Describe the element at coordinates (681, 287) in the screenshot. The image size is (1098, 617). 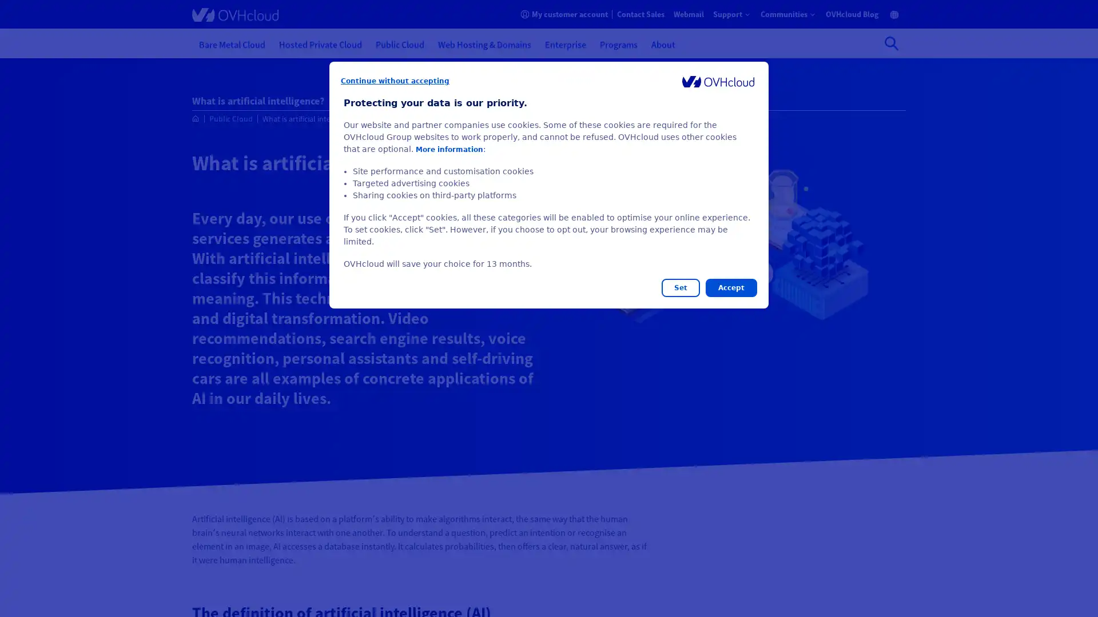
I see `Set` at that location.